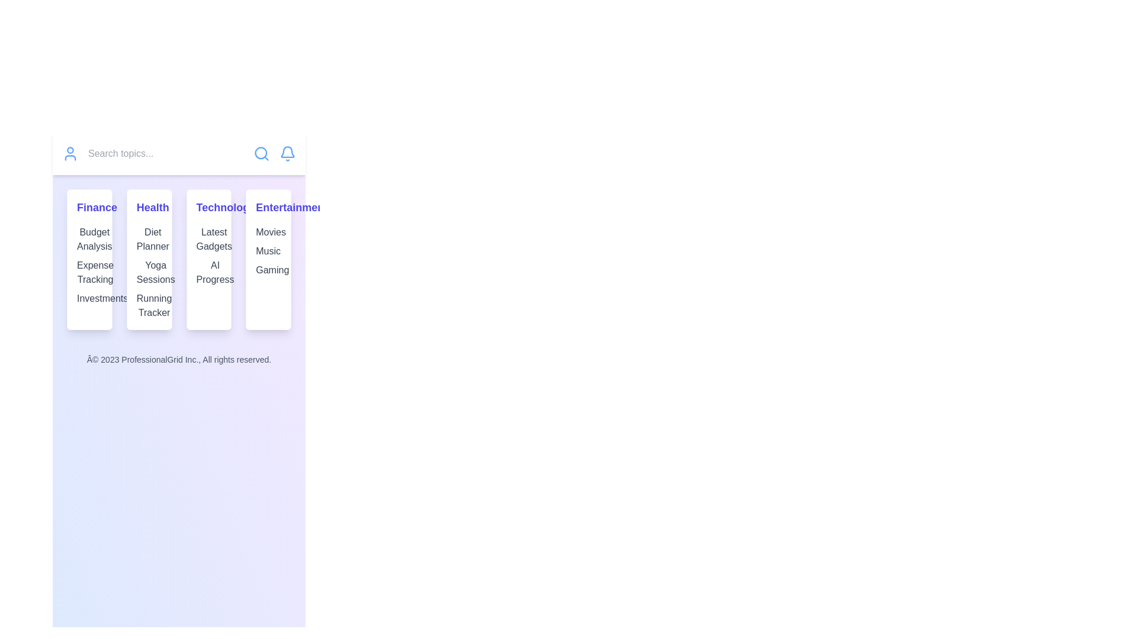 Image resolution: width=1137 pixels, height=639 pixels. I want to click on 'Gaming' label which is the third item in the vertical list under the 'Entertainment' category, displayed in gray font on a white background card, so click(268, 270).